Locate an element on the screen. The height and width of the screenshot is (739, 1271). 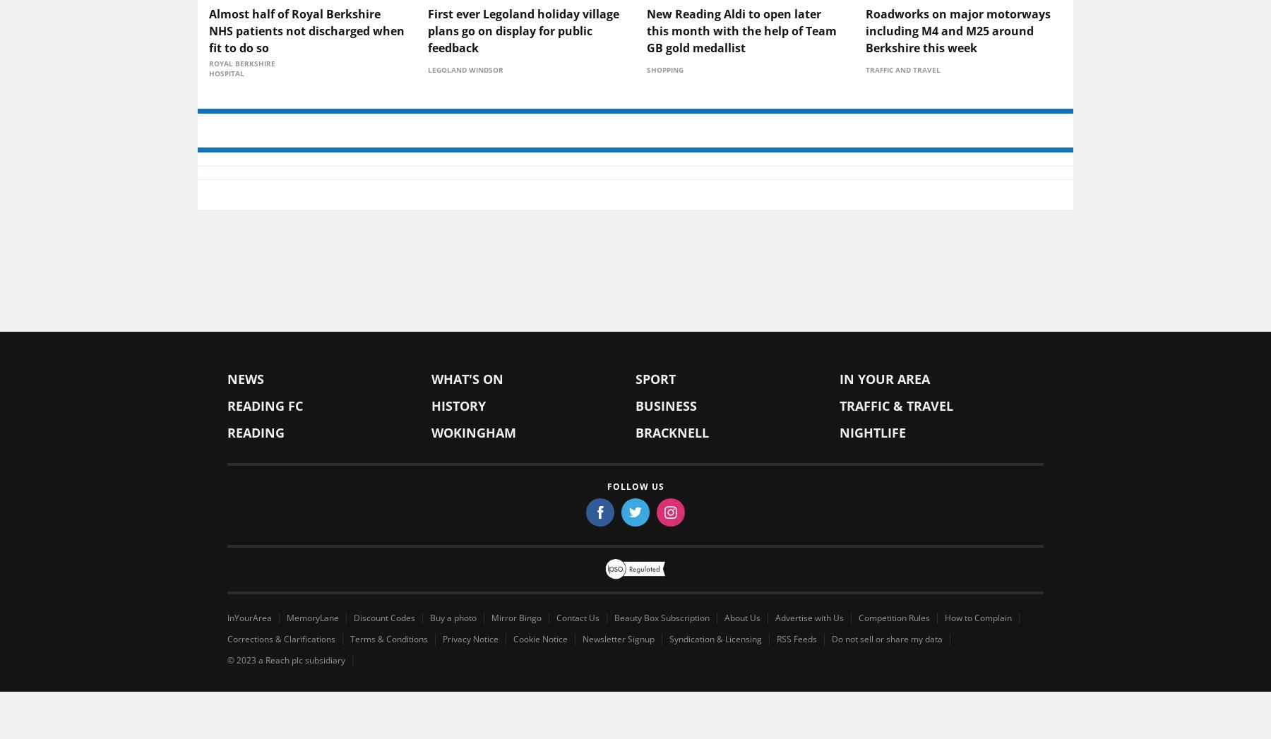
'History' is located at coordinates (431, 518).